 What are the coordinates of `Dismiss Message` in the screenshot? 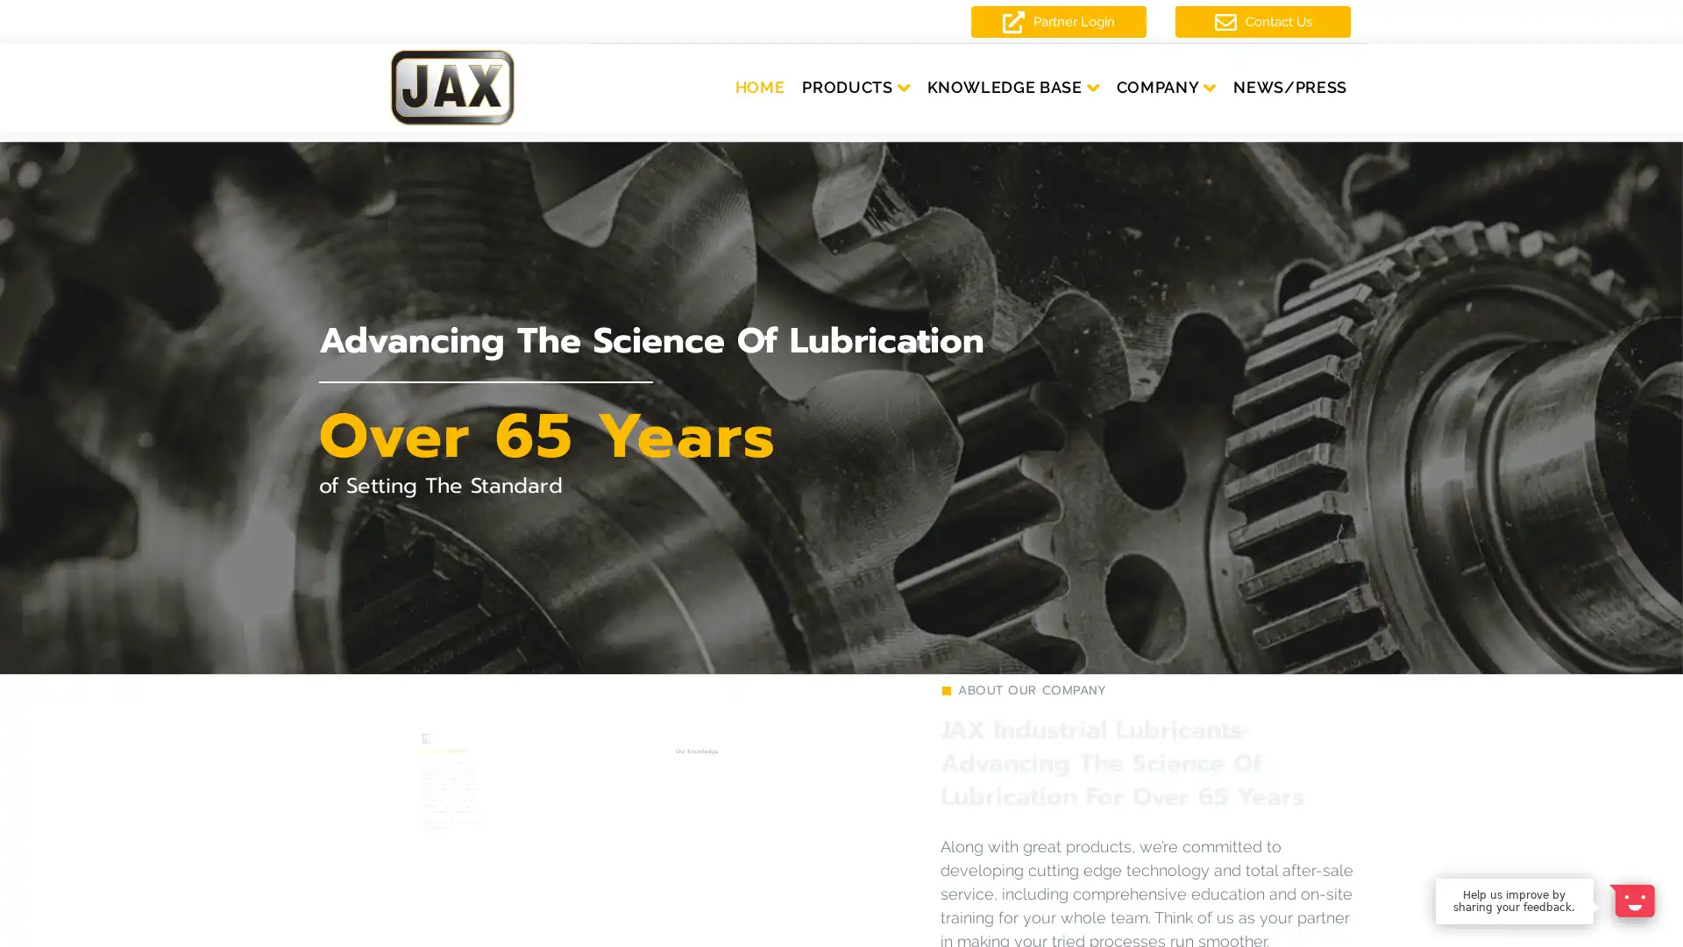 It's located at (1591, 879).